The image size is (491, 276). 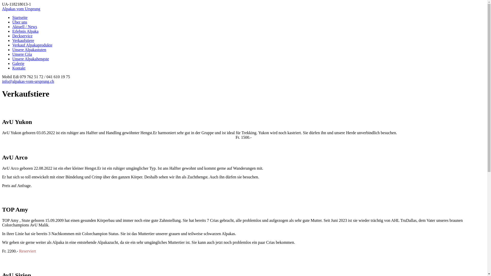 I want to click on 'Galerie', so click(x=18, y=63).